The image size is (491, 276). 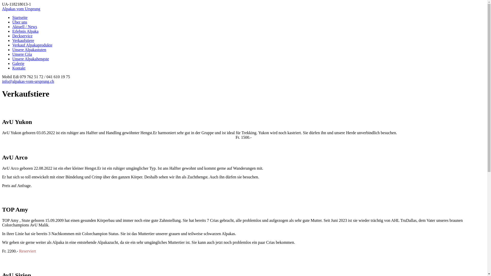 I want to click on 'Galerie', so click(x=18, y=63).